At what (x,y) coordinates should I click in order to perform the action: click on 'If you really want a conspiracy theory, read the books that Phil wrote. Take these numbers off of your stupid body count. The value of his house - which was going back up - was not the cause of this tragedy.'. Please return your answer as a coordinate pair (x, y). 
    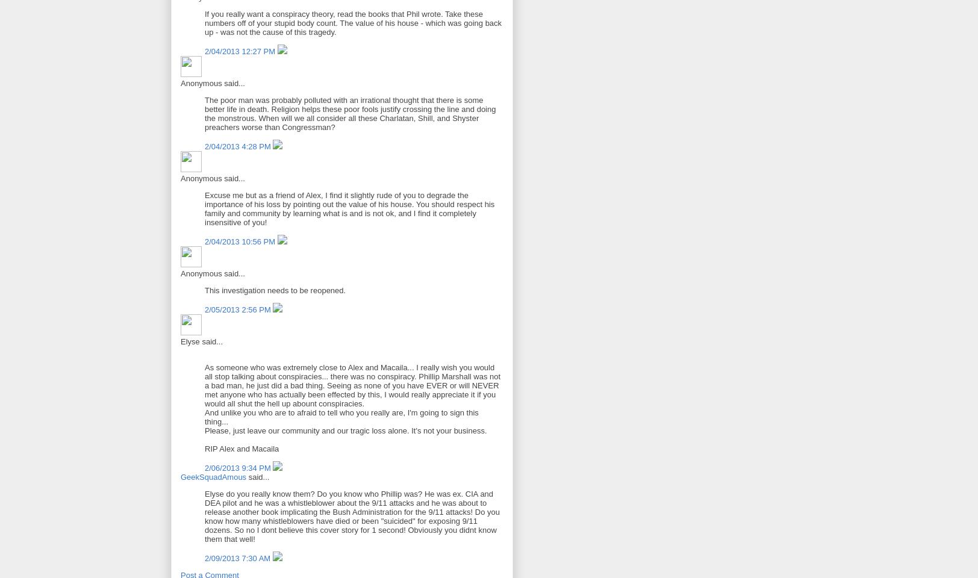
    Looking at the image, I should click on (353, 22).